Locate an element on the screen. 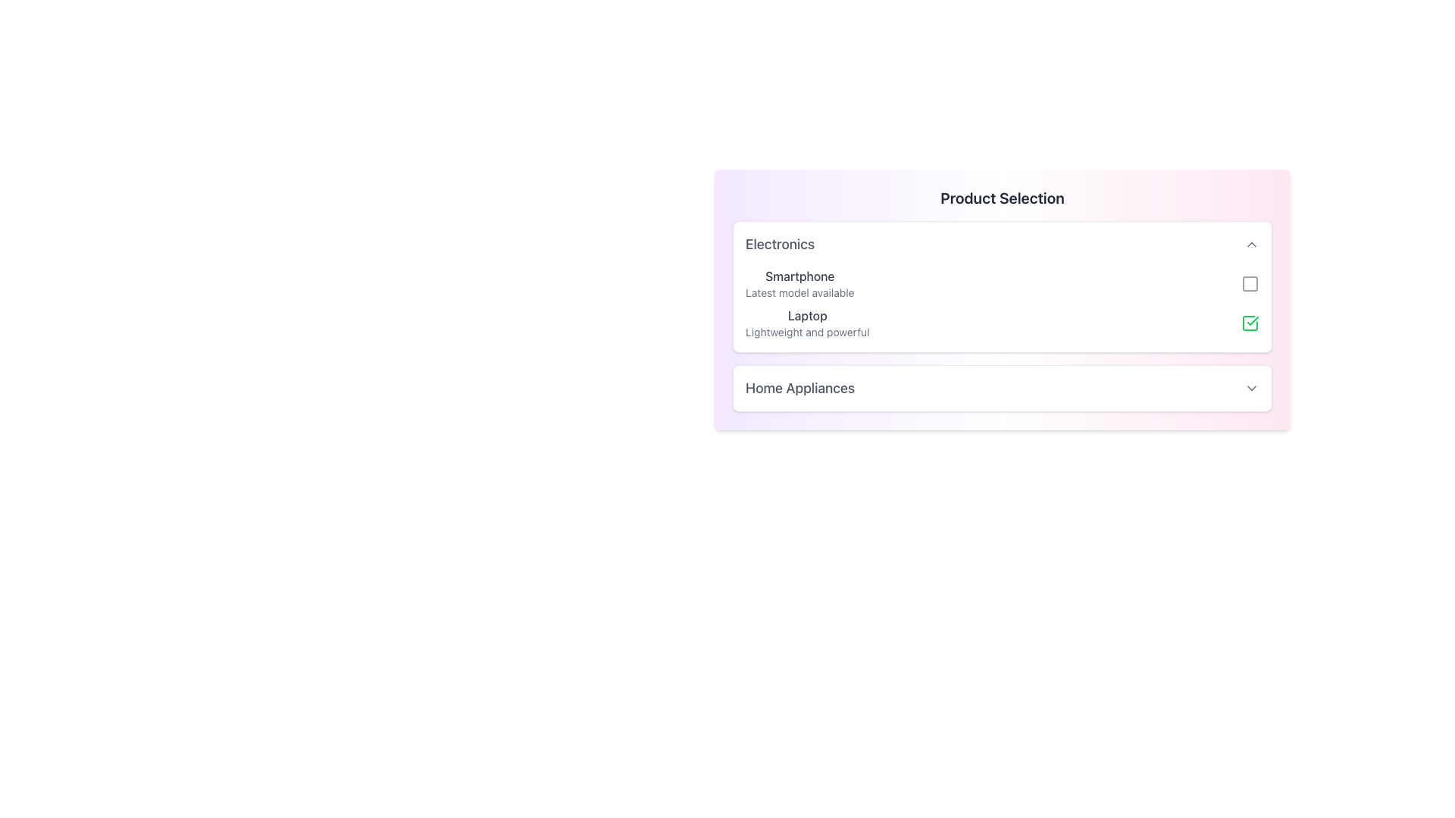 The height and width of the screenshot is (818, 1455). the checkbox for 'Laptop' is located at coordinates (1250, 323).